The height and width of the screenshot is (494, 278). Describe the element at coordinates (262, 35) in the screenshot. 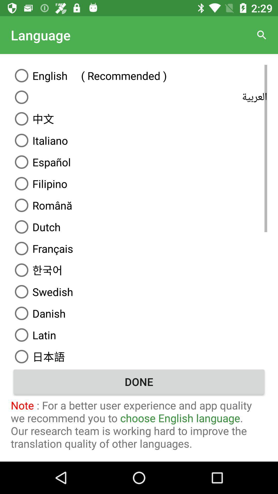

I see `icon above english     ( recommended )` at that location.